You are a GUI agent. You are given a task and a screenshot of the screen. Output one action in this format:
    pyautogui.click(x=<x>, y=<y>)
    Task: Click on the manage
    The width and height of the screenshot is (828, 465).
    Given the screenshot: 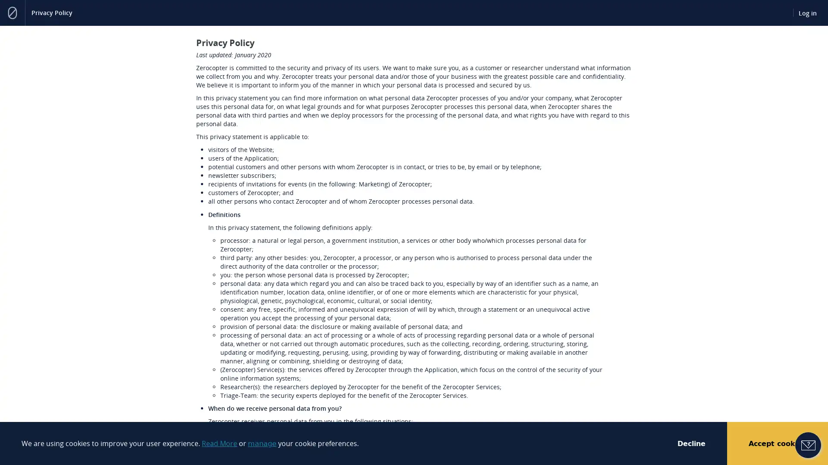 What is the action you would take?
    pyautogui.click(x=262, y=443)
    